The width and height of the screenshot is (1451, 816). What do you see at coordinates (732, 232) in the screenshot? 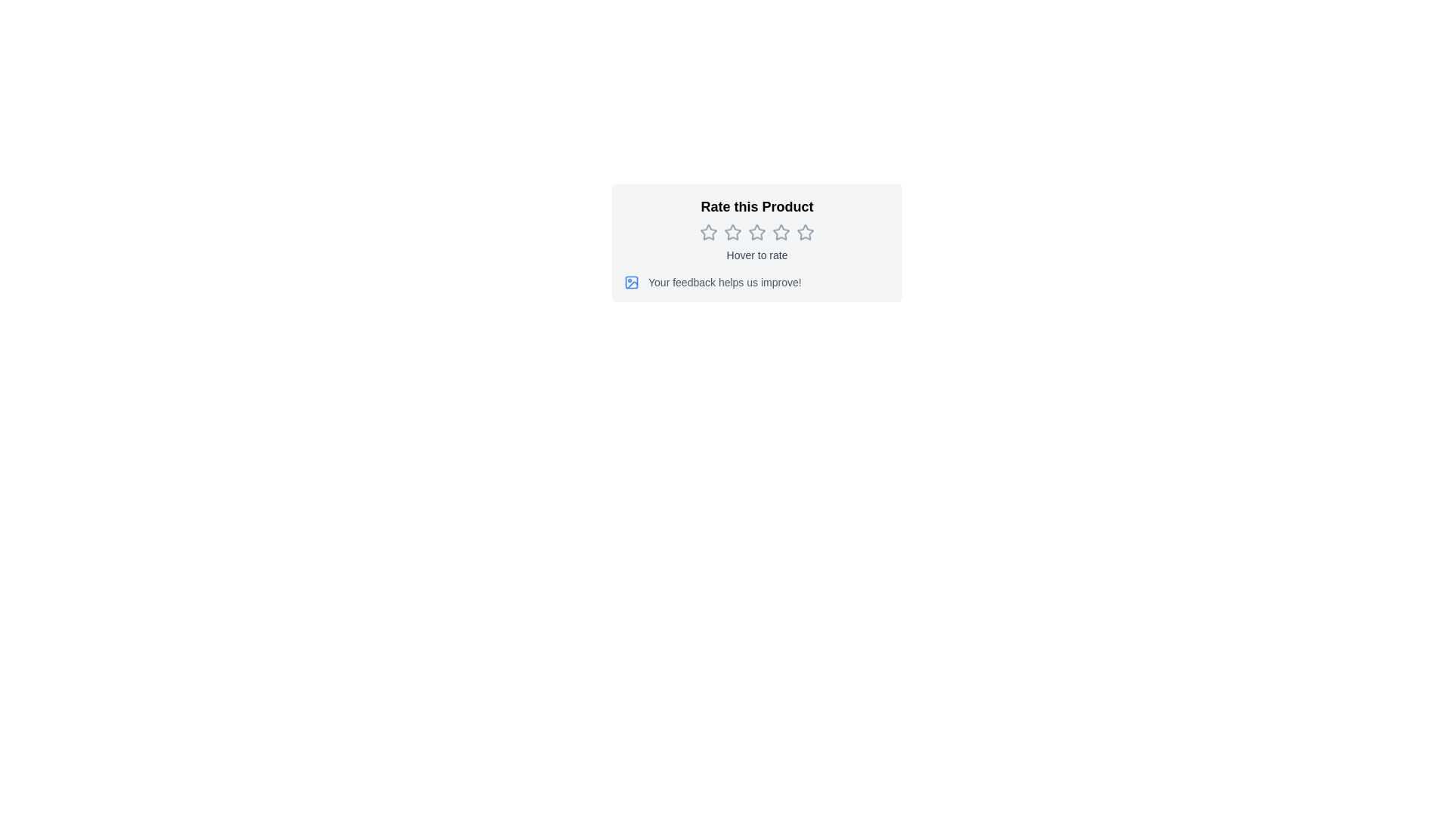
I see `the second gray star in the horizontal rating system` at bounding box center [732, 232].